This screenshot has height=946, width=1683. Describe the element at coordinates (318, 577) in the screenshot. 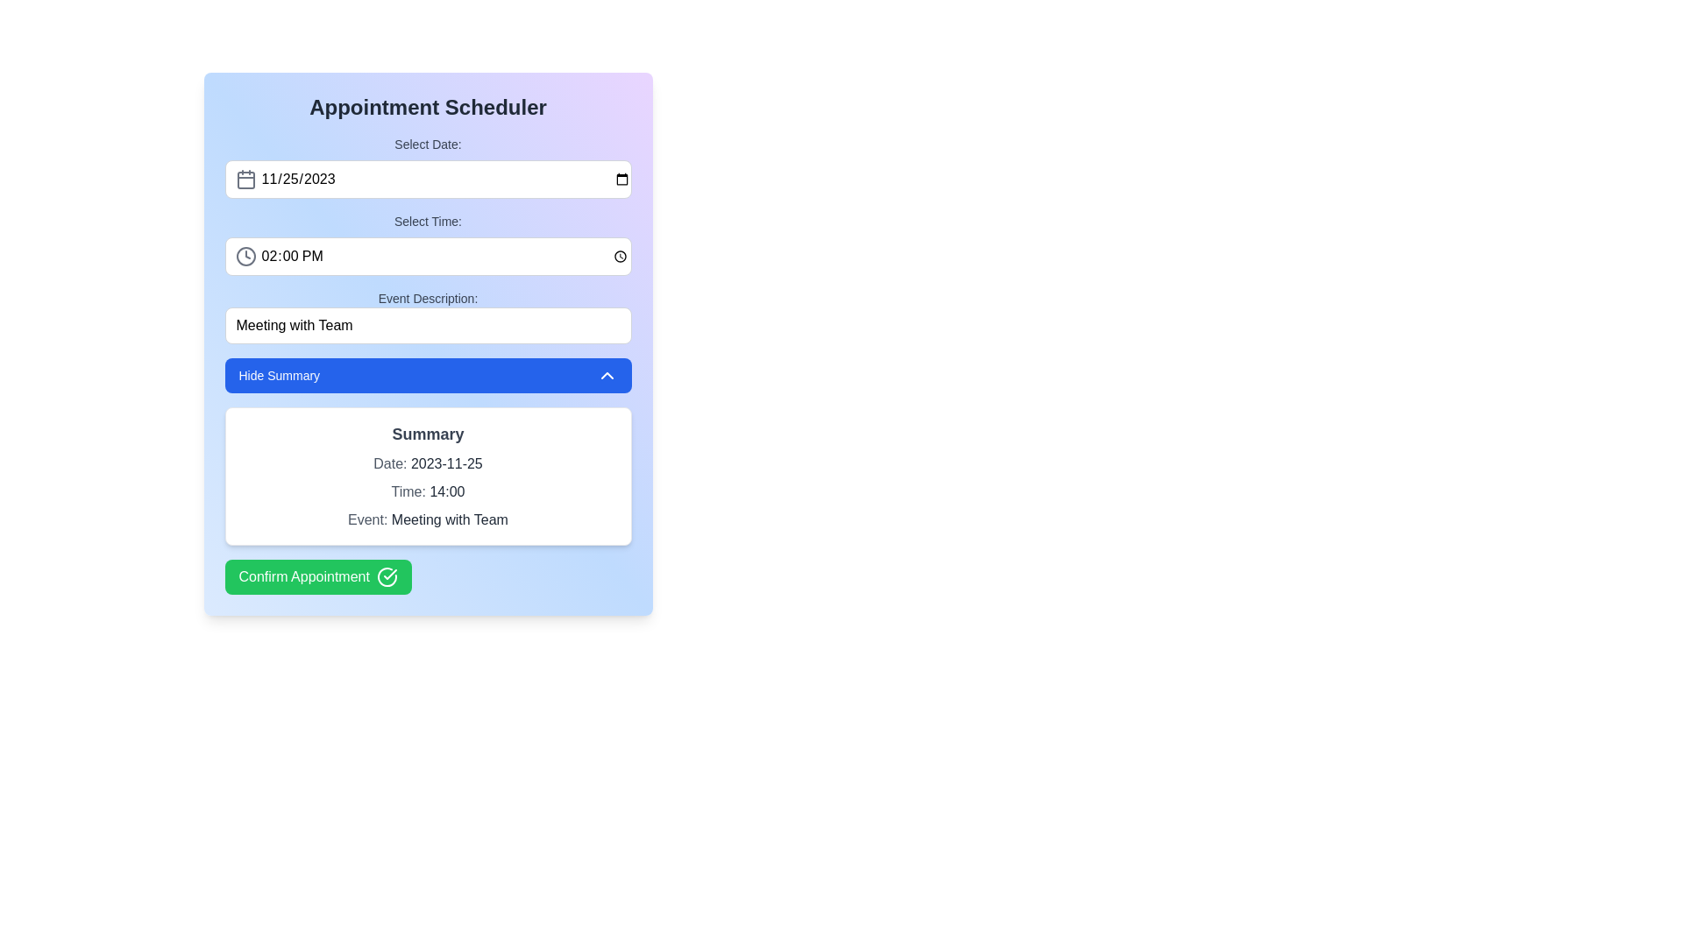

I see `the green button labeled 'Confirm Appointment' with a checkmark icon to confirm the appointment` at that location.